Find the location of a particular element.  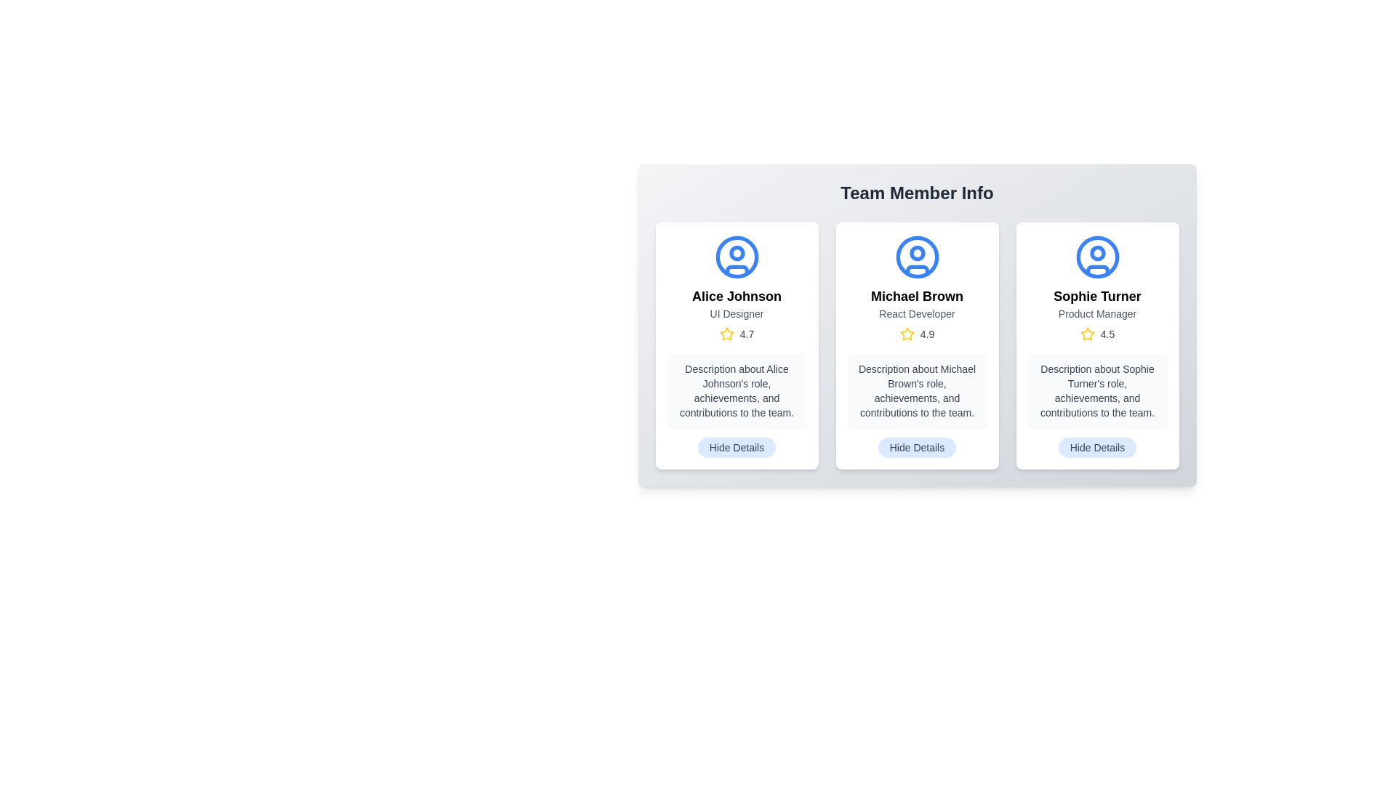

the outermost circular part of the user icon representing Alice Johnson in the Team Member Info section is located at coordinates (737, 257).